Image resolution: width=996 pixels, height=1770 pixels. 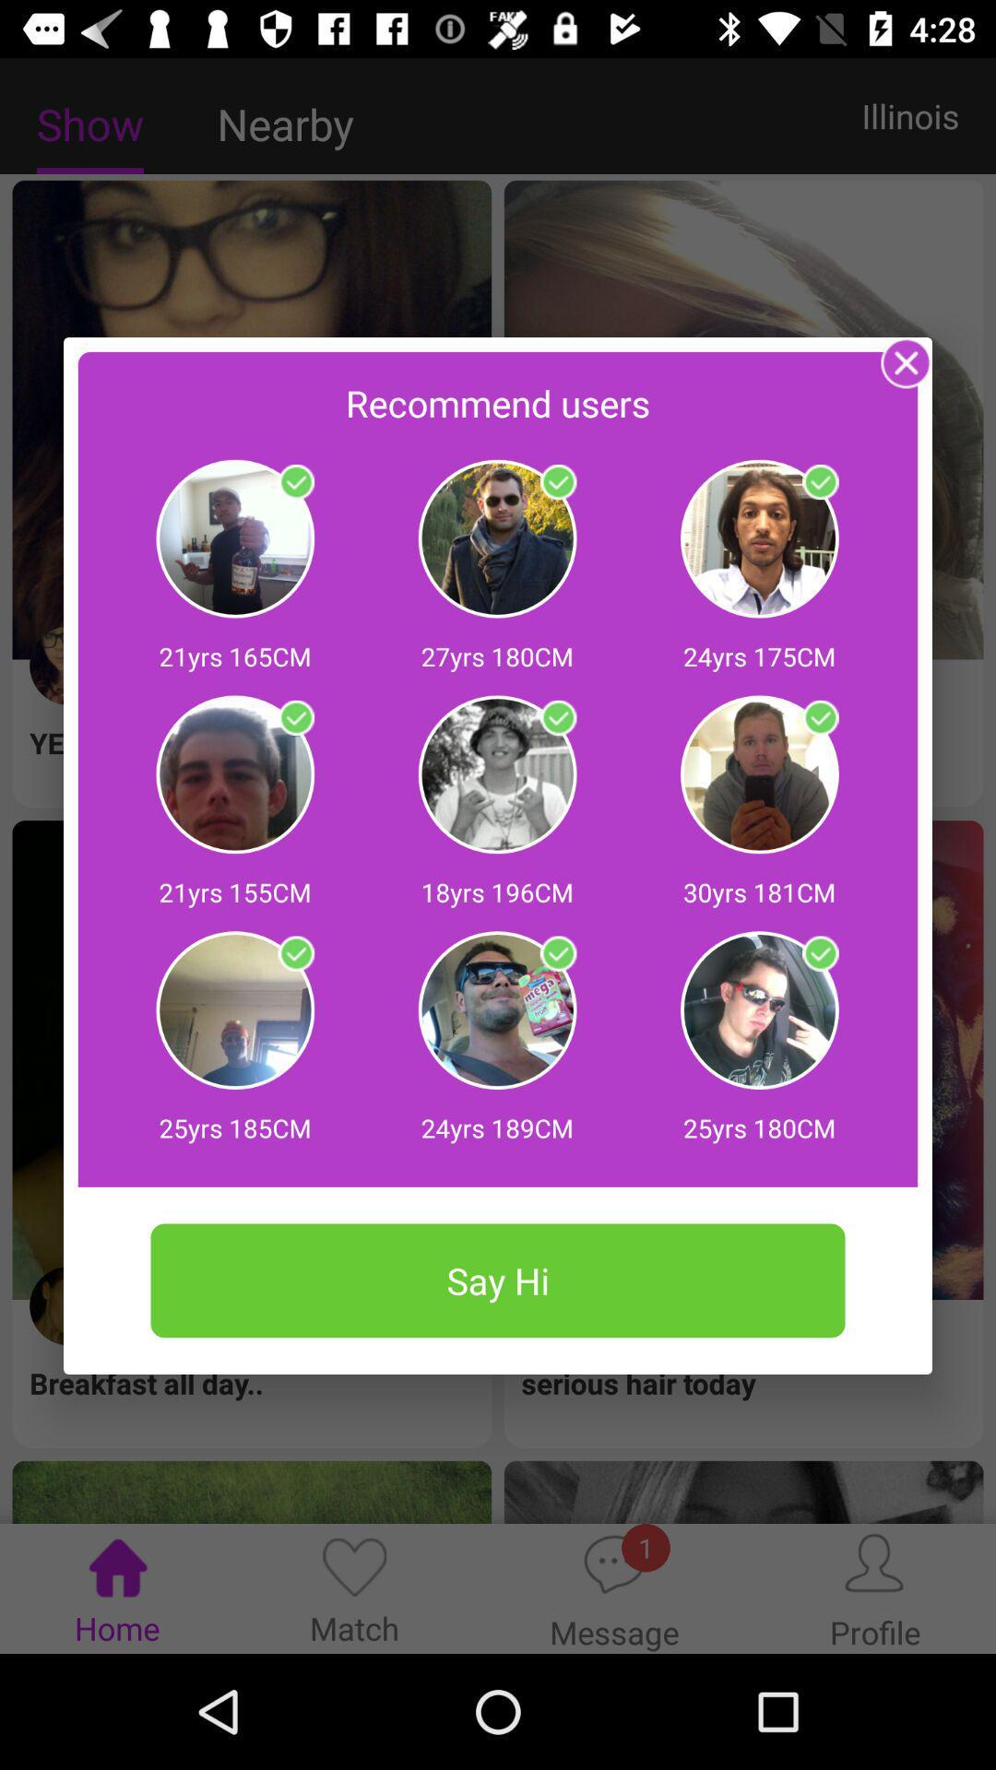 I want to click on window, so click(x=906, y=362).